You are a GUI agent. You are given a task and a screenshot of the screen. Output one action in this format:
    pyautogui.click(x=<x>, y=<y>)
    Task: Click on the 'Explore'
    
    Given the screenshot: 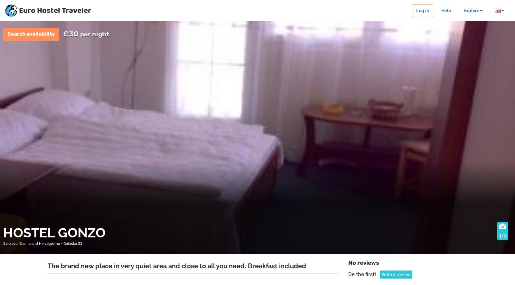 What is the action you would take?
    pyautogui.click(x=471, y=10)
    